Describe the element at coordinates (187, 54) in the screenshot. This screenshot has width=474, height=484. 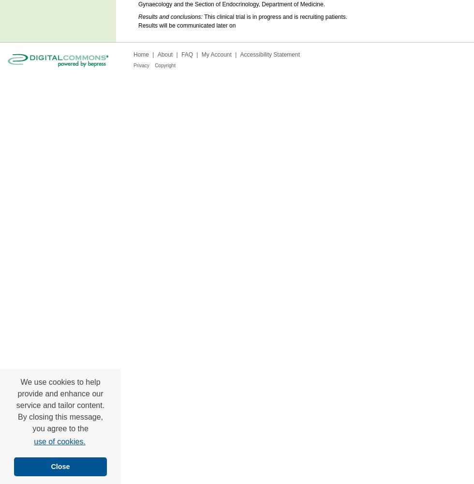
I see `'FAQ'` at that location.